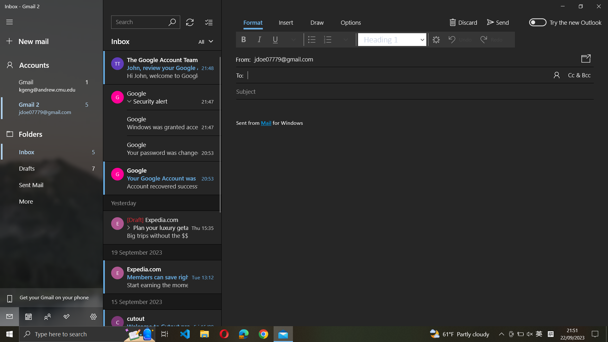  Describe the element at coordinates (285, 23) in the screenshot. I see `the "Insert" button` at that location.